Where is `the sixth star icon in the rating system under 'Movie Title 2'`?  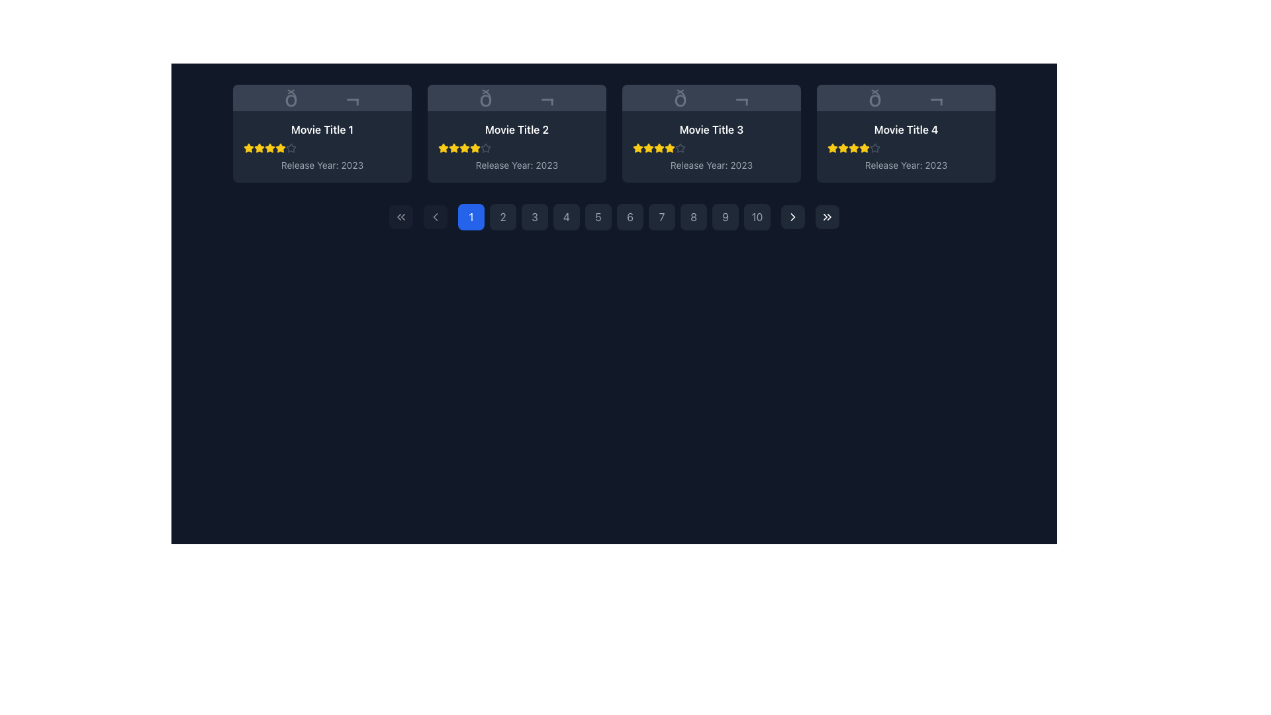 the sixth star icon in the rating system under 'Movie Title 2' is located at coordinates (475, 148).